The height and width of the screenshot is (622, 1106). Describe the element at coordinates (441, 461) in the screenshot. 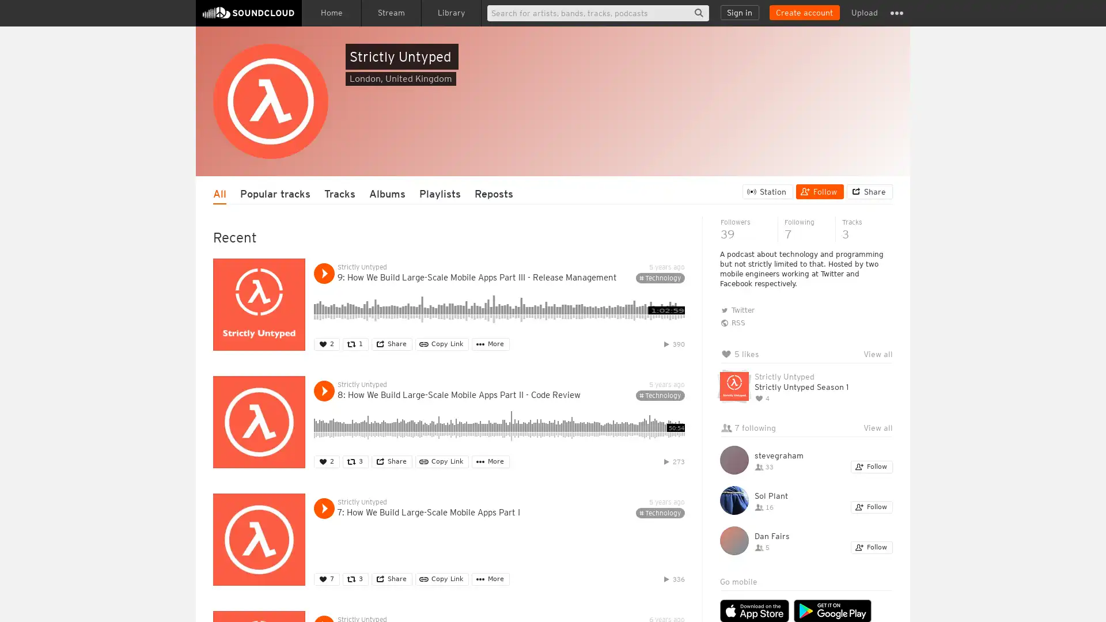

I see `Copy Link` at that location.